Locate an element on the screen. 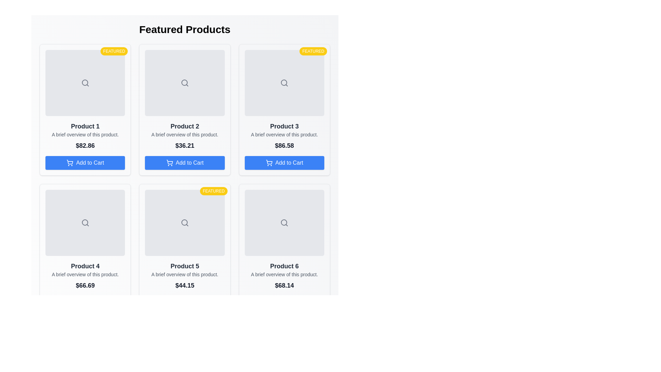 This screenshot has width=661, height=372. the text element displaying 'Product 6', which is styled in bold, larger dark gray font and is positioned within the product card layout is located at coordinates (284, 266).